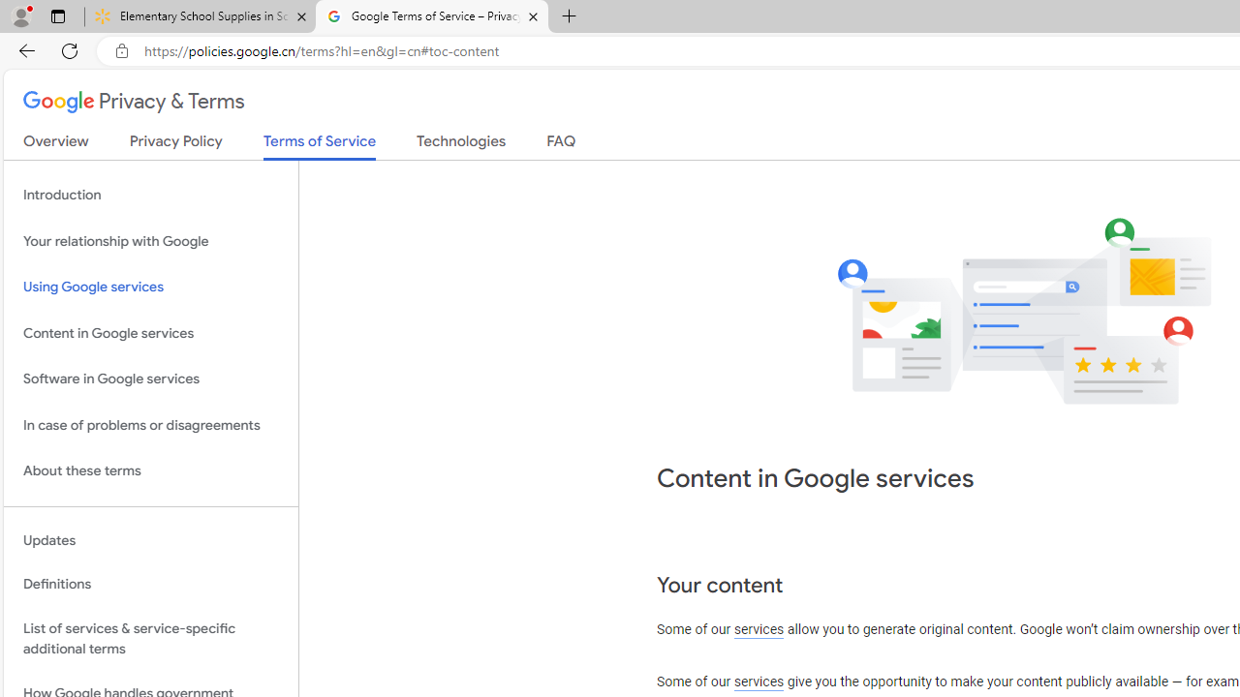 This screenshot has width=1240, height=697. What do you see at coordinates (533, 16) in the screenshot?
I see `'Close tab'` at bounding box center [533, 16].